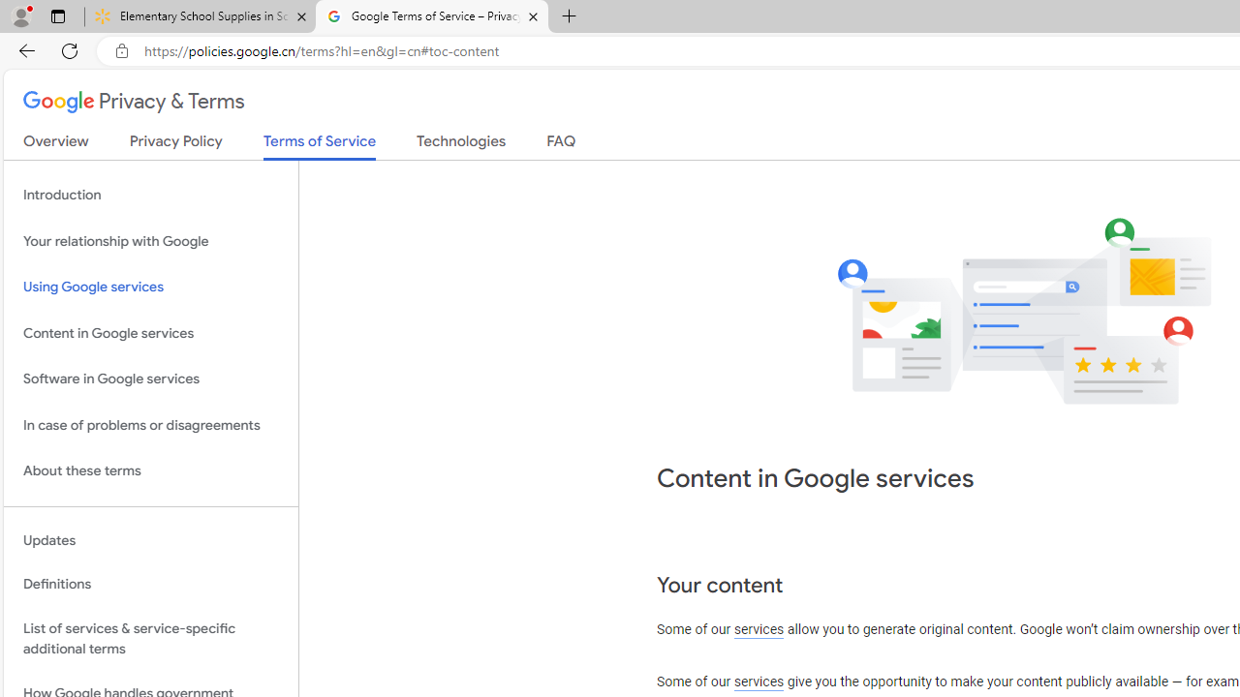 This screenshot has width=1240, height=697. What do you see at coordinates (533, 16) in the screenshot?
I see `'Close tab'` at bounding box center [533, 16].